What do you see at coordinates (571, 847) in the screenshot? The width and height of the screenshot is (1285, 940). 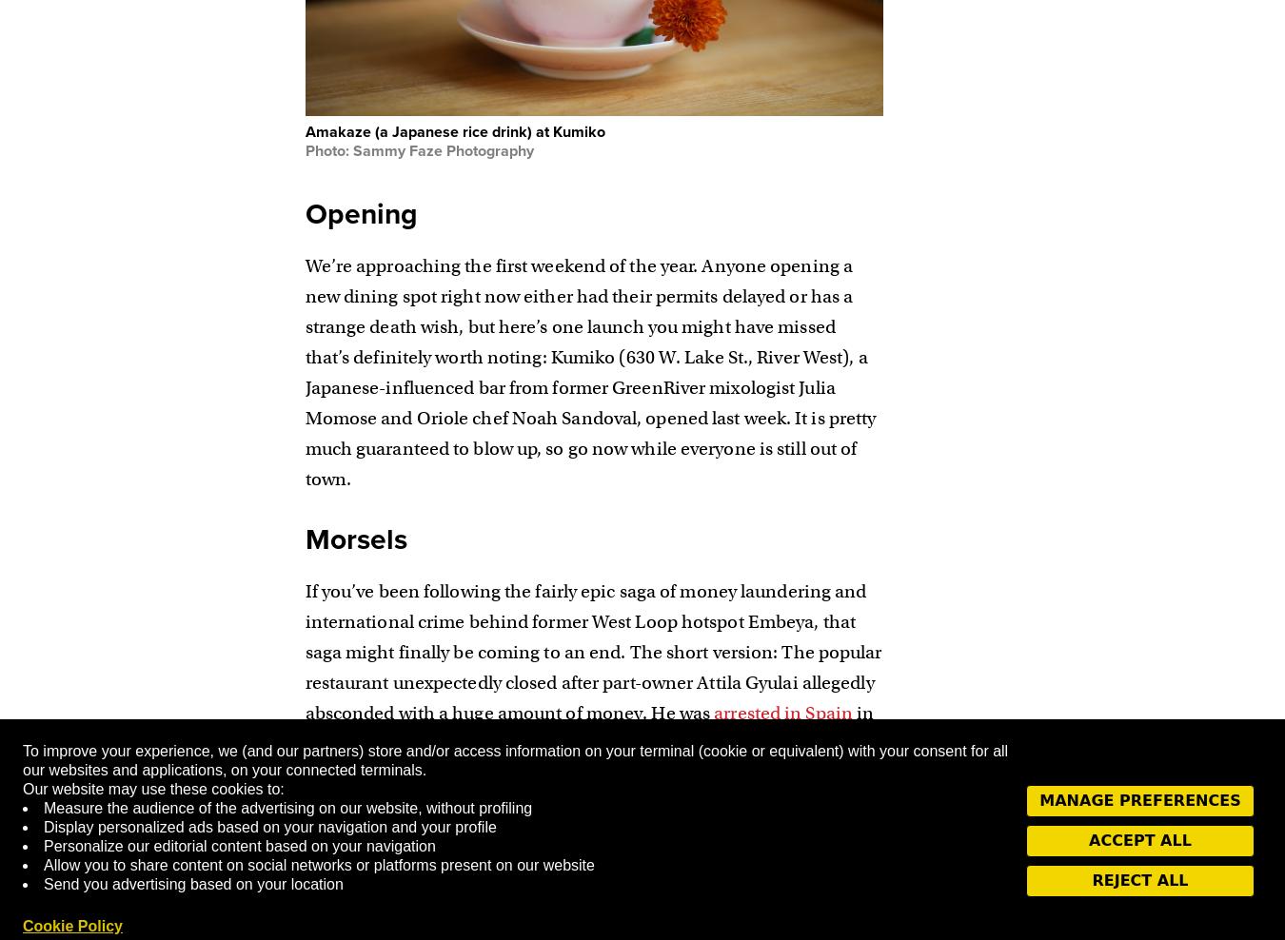 I see `'Every year, Eater Chicago pulls in year-end opinions from notable writers around town to'` at bounding box center [571, 847].